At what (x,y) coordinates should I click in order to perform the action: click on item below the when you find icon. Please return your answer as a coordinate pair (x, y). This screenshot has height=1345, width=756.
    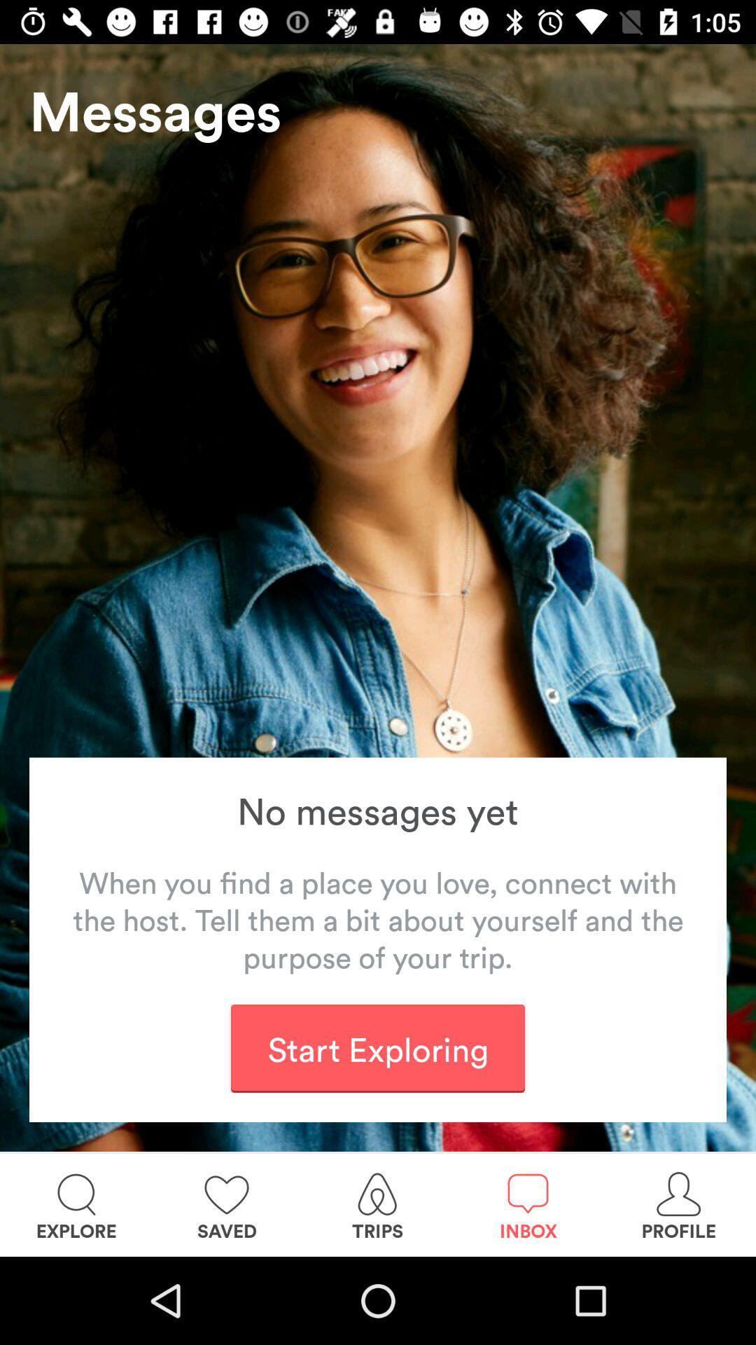
    Looking at the image, I should click on (378, 1049).